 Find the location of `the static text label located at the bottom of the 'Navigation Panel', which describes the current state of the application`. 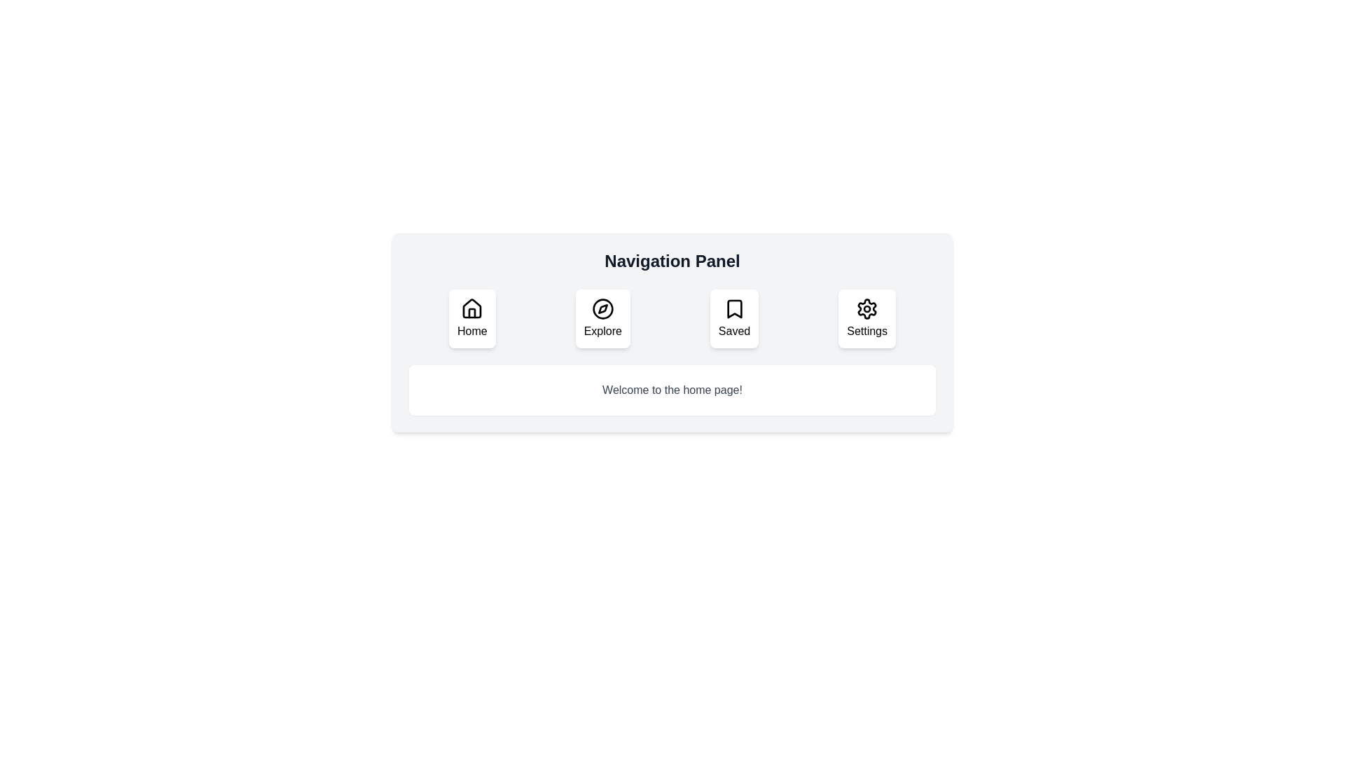

the static text label located at the bottom of the 'Navigation Panel', which describes the current state of the application is located at coordinates (672, 390).